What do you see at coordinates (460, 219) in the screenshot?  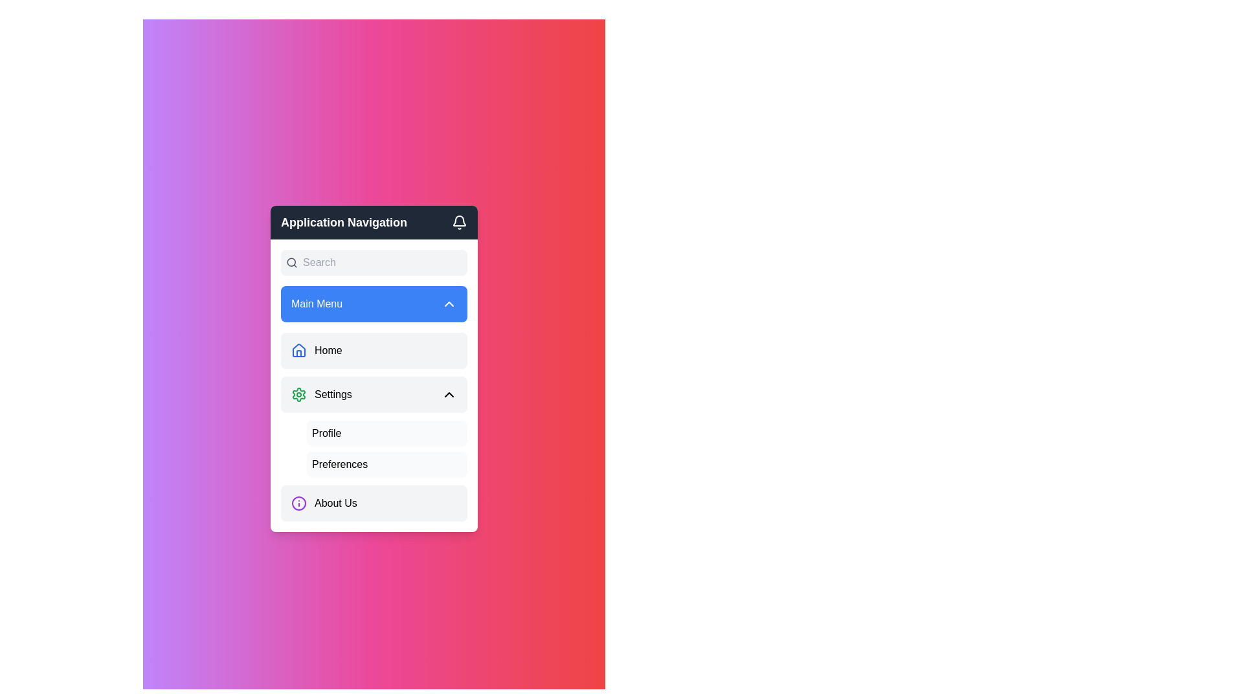 I see `on the bell notification icon located at the top-right corner of the application navigation interface` at bounding box center [460, 219].